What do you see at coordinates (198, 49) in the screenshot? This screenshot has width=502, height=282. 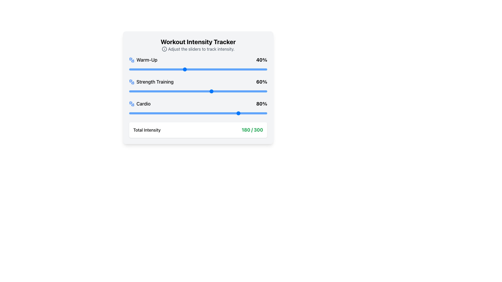 I see `instructional text label displaying 'Adjust the sliders to track intensity.' located directly beneath the 'Workout Intensity Tracker' heading` at bounding box center [198, 49].